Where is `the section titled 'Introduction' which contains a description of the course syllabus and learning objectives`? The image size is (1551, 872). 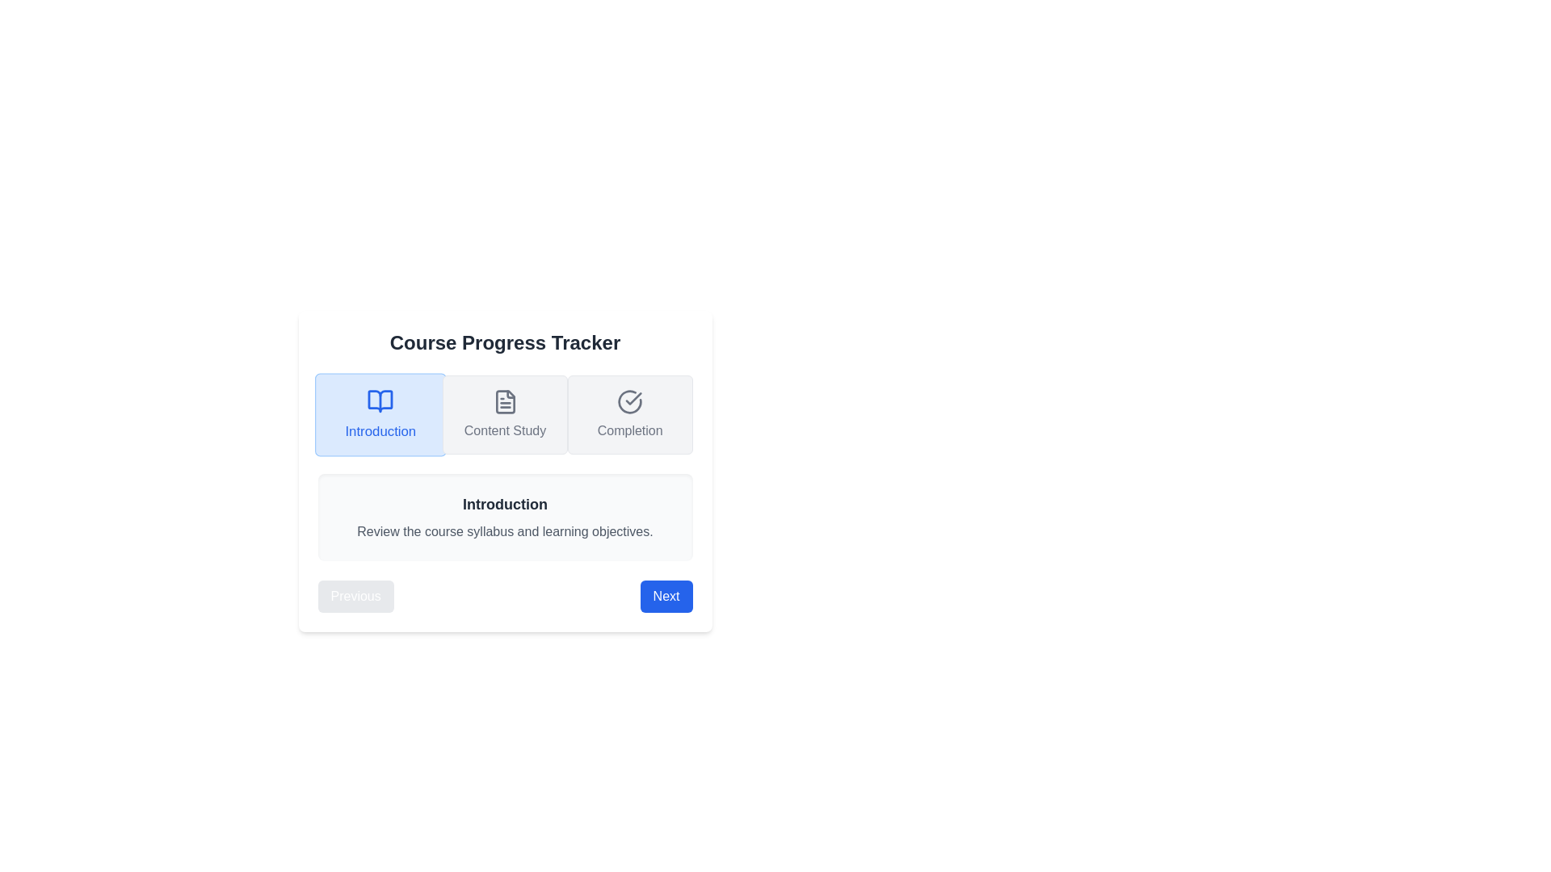 the section titled 'Introduction' which contains a description of the course syllabus and learning objectives is located at coordinates (504, 517).